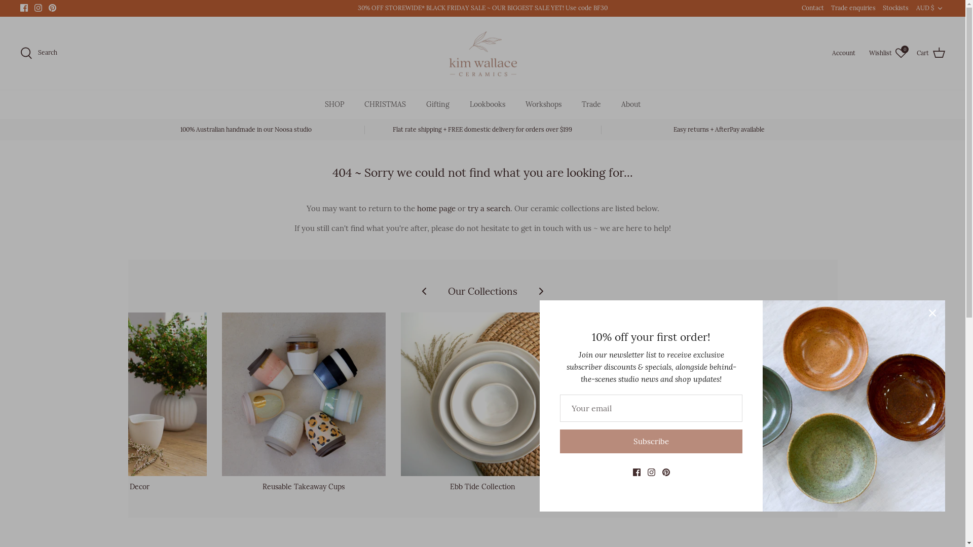 This screenshot has width=973, height=547. Describe the element at coordinates (355, 104) in the screenshot. I see `'CHRISTMAS'` at that location.